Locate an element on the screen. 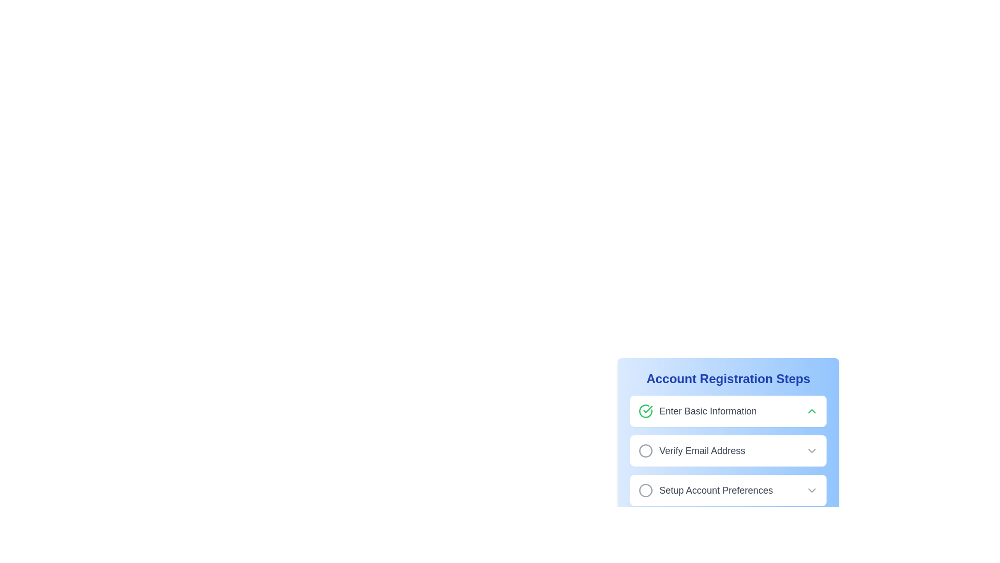  the third item in the 'Account Registration Steps' list, which represents a configuration step for setting account preferences is located at coordinates (706, 491).